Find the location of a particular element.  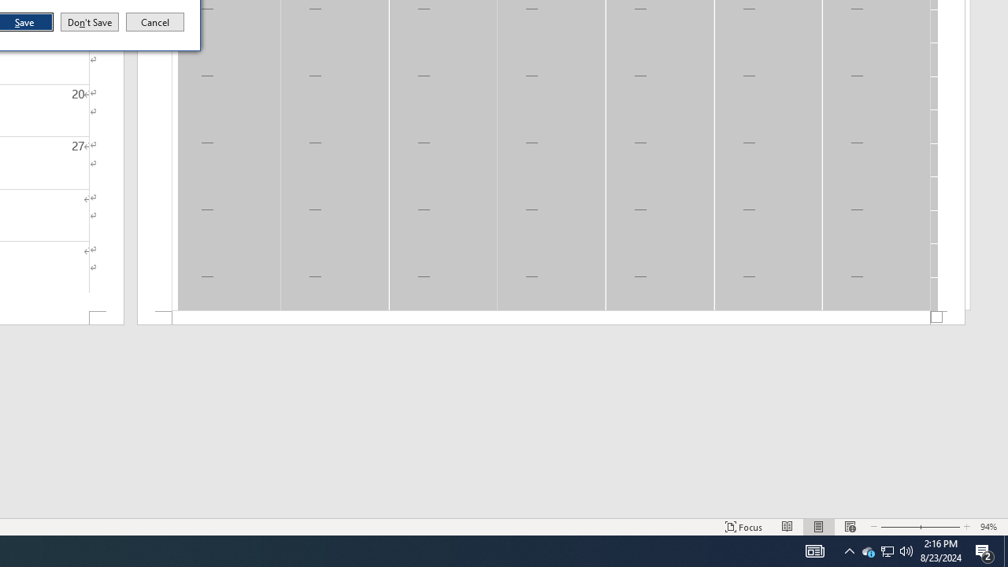

'Notification Chevron' is located at coordinates (849, 550).